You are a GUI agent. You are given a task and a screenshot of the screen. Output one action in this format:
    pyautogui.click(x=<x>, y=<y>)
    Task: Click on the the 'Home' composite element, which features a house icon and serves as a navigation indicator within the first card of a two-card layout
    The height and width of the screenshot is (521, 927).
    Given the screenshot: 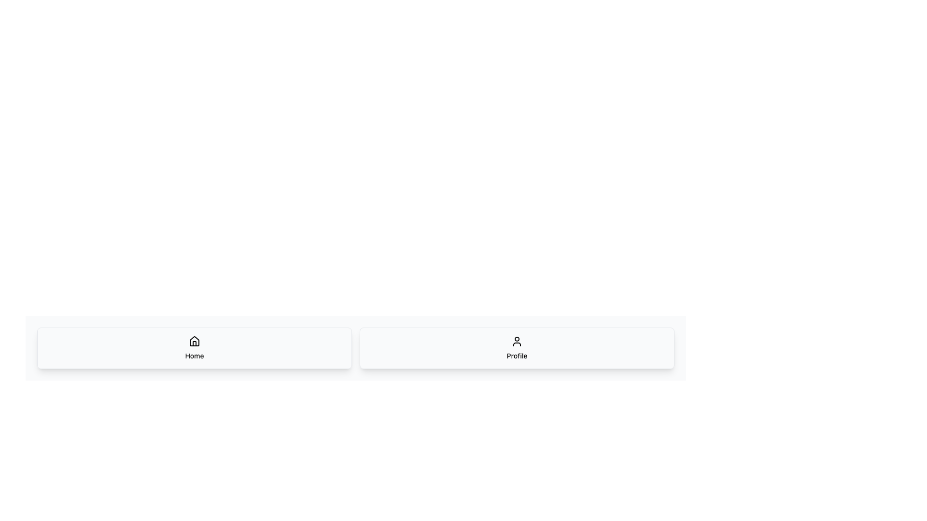 What is the action you would take?
    pyautogui.click(x=194, y=348)
    